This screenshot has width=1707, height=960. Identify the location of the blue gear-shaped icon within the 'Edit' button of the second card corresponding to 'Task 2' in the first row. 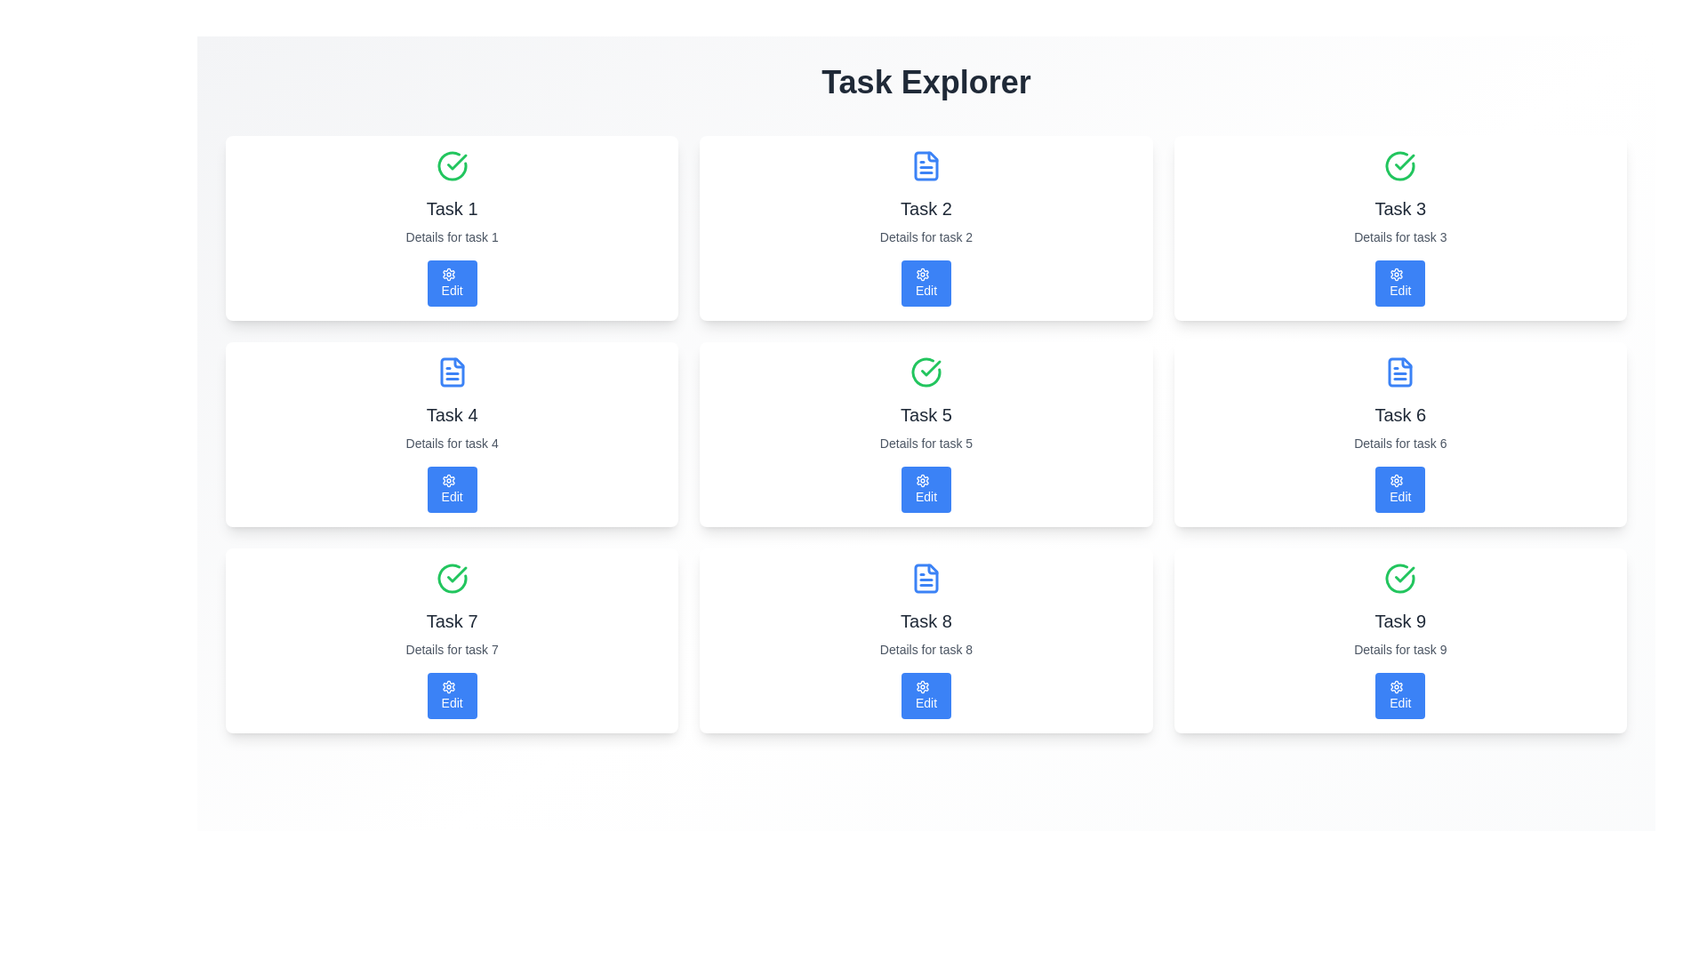
(922, 274).